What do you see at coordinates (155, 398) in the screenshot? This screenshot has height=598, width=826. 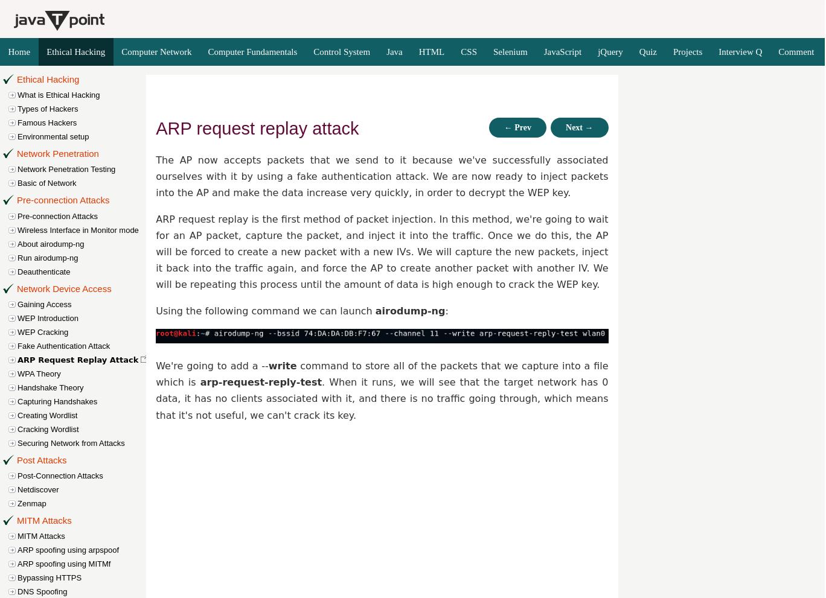 I see `'. When it runs, we will see that the target network has 0 data, it has no clients associated with it, and there is no traffic going through, which means that it's not useful, we can't crack its key.'` at bounding box center [155, 398].